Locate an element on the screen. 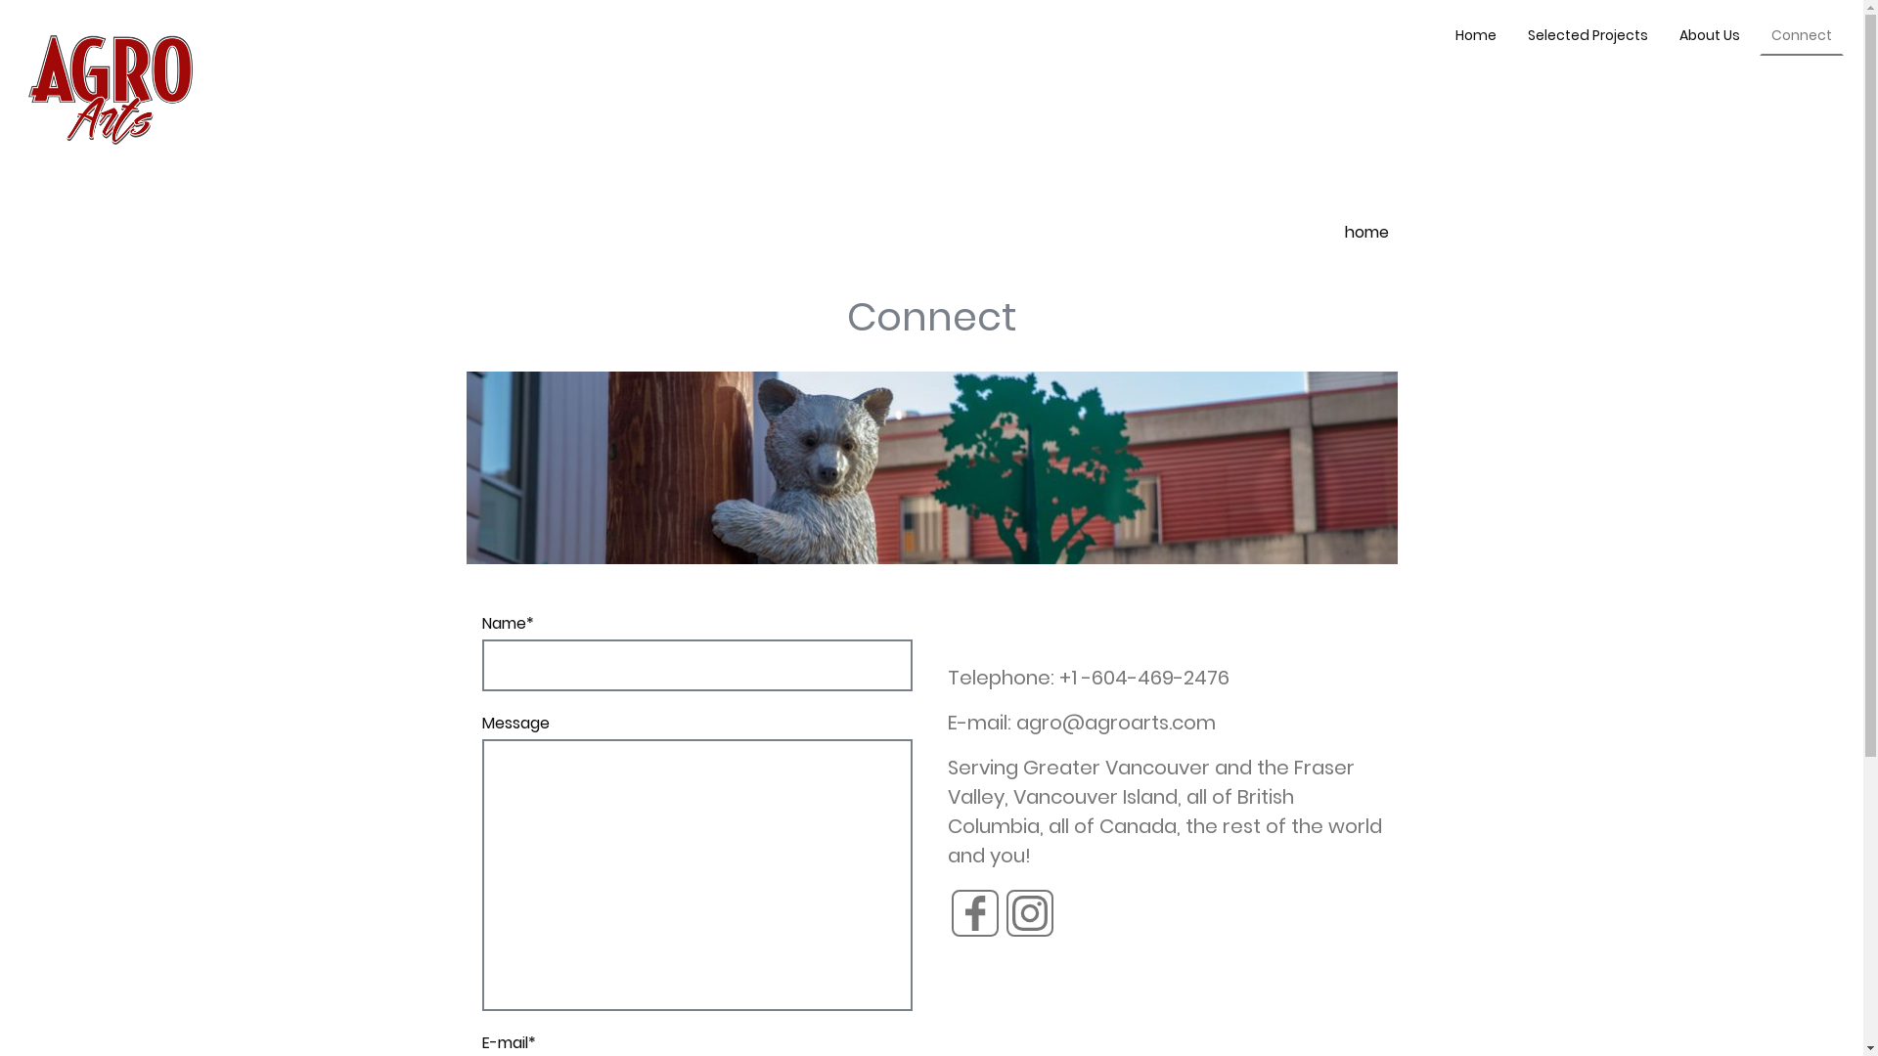 Image resolution: width=1878 pixels, height=1056 pixels. 'About Us' is located at coordinates (1708, 35).